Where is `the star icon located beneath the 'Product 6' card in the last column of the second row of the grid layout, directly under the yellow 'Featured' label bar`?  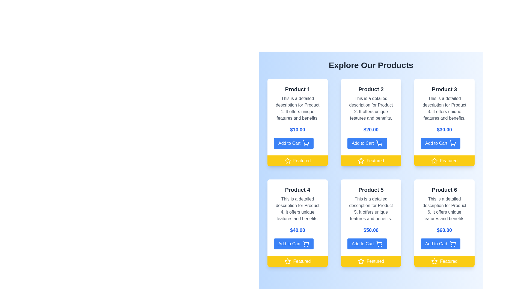 the star icon located beneath the 'Product 6' card in the last column of the second row of the grid layout, directly under the yellow 'Featured' label bar is located at coordinates (434, 261).